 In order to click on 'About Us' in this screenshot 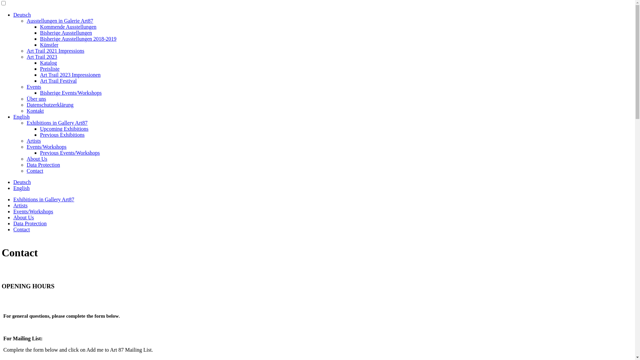, I will do `click(13, 217)`.